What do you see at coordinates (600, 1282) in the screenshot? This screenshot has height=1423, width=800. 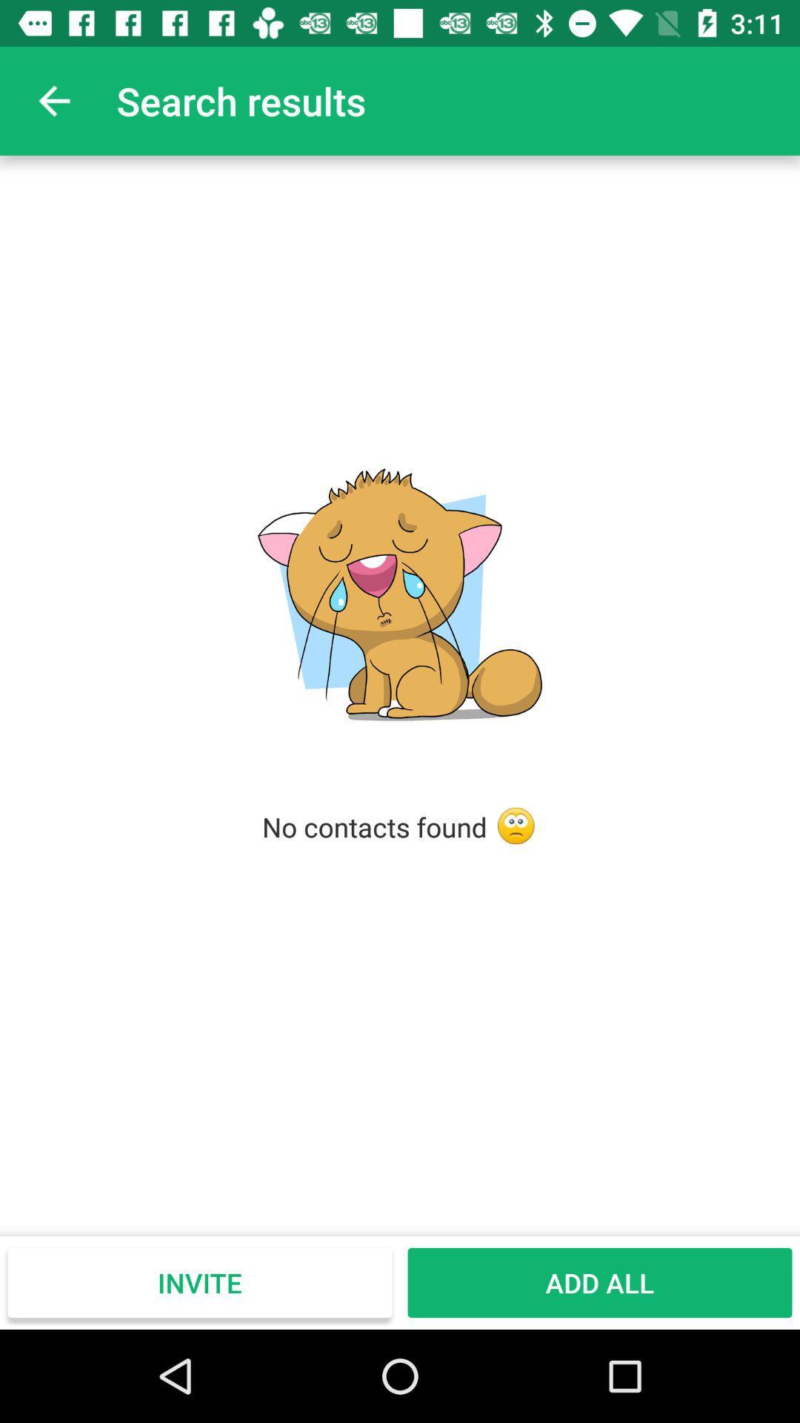 I see `add all icon` at bounding box center [600, 1282].